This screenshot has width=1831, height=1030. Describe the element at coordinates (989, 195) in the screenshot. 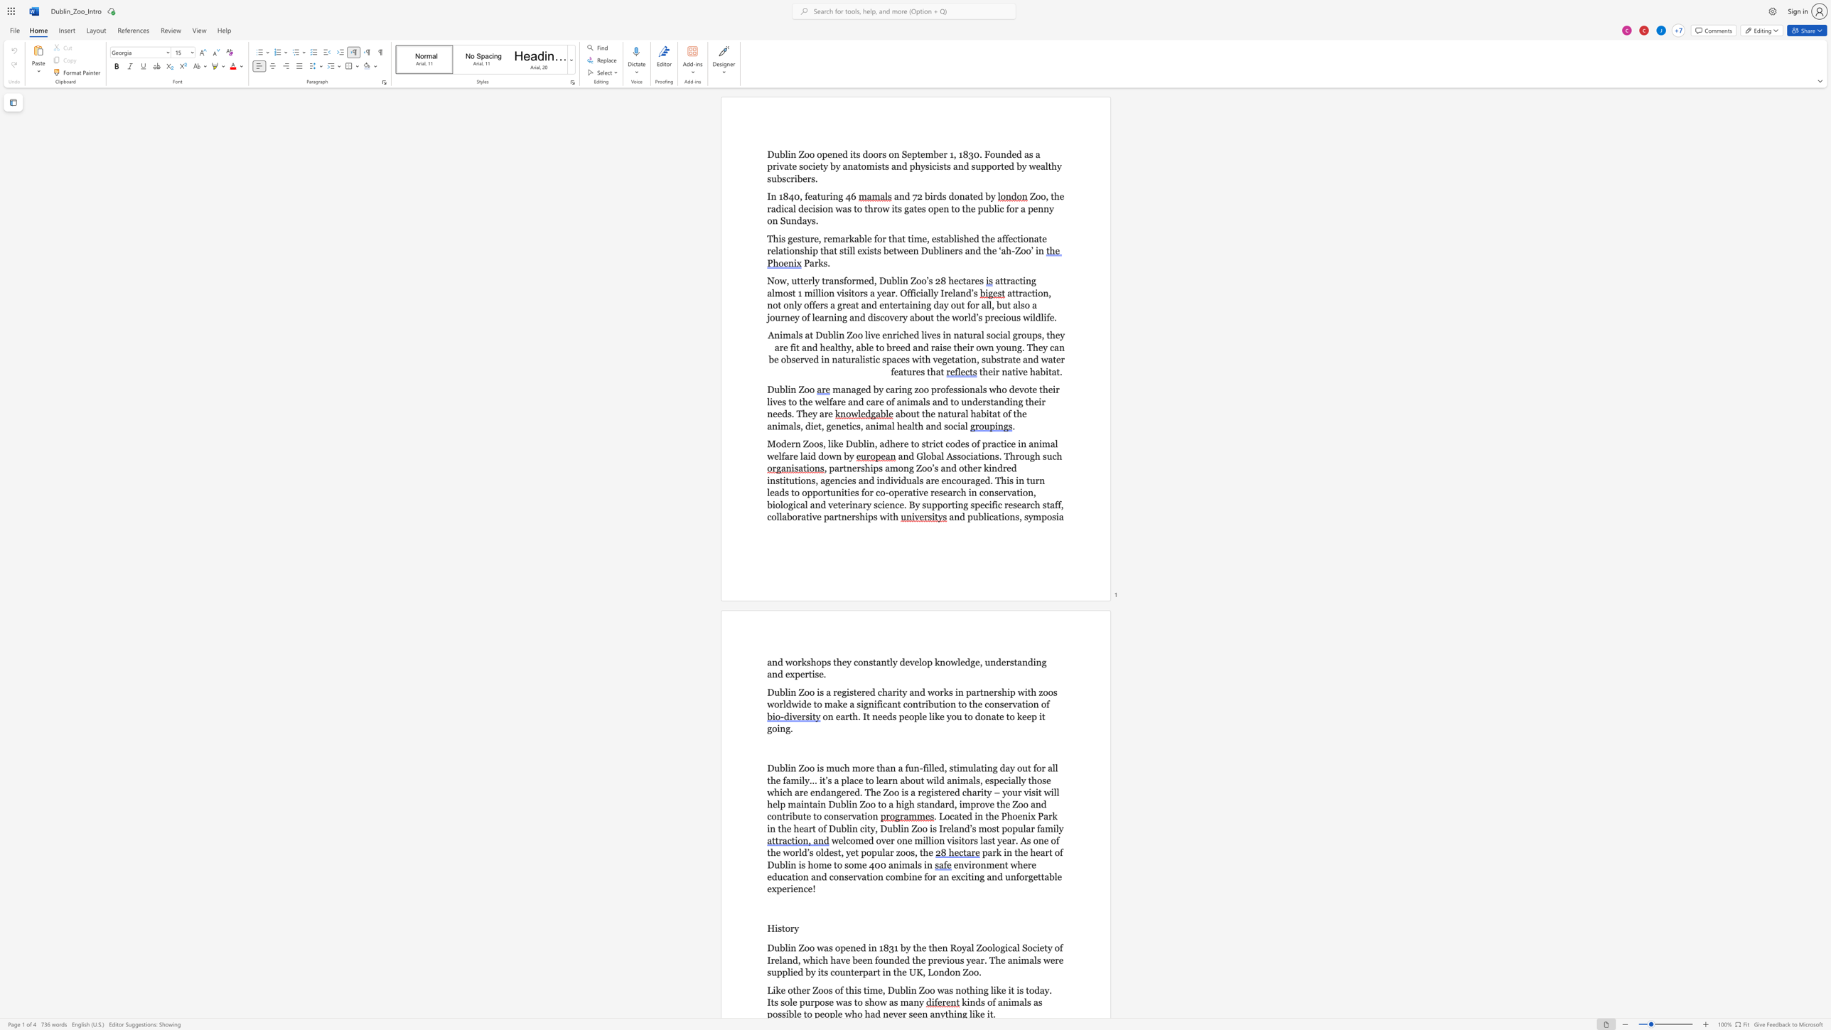

I see `the space between the continuous character "b" and "y" in the text` at that location.